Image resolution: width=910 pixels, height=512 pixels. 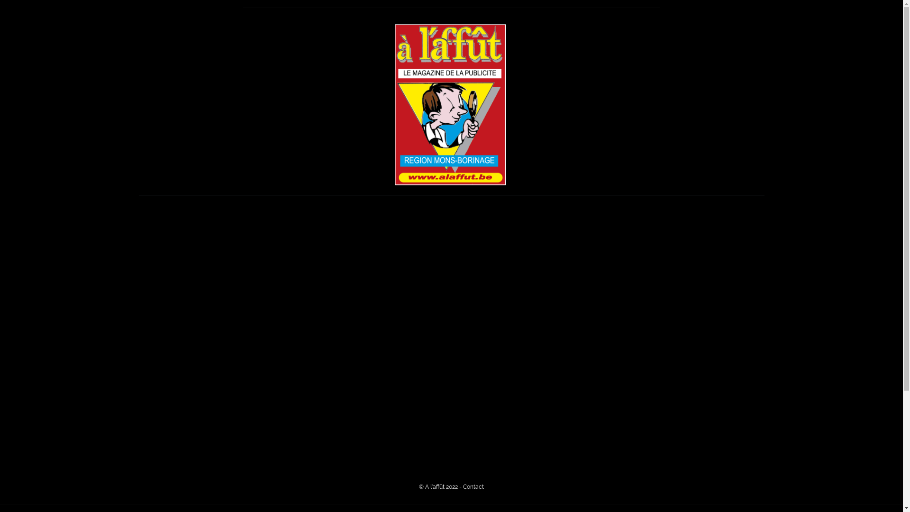 What do you see at coordinates (473, 486) in the screenshot?
I see `'Contact'` at bounding box center [473, 486].